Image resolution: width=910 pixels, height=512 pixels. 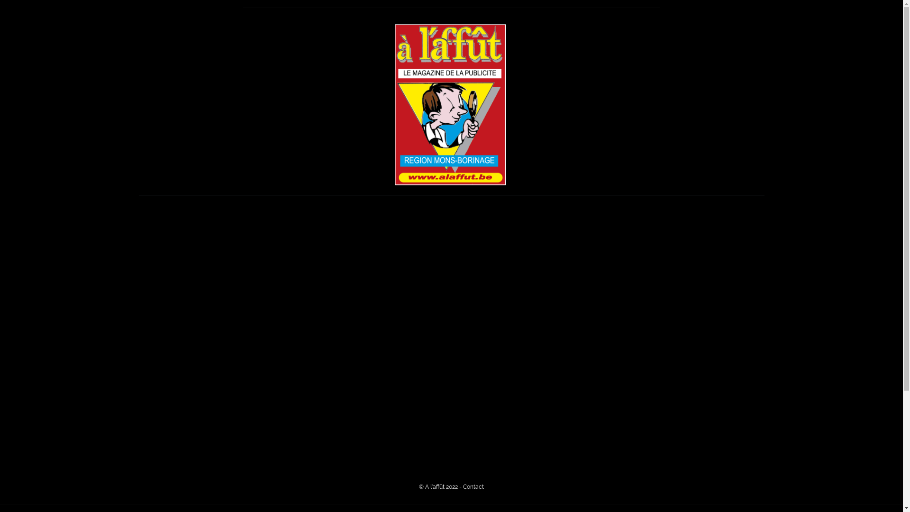 What do you see at coordinates (473, 486) in the screenshot?
I see `'Contact'` at bounding box center [473, 486].